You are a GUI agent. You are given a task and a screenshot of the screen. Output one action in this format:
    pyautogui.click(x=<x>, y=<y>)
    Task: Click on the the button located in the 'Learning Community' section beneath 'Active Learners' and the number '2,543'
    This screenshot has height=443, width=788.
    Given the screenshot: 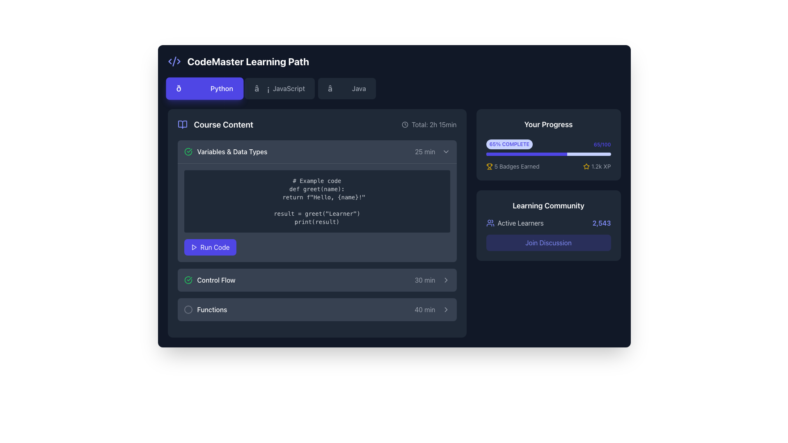 What is the action you would take?
    pyautogui.click(x=548, y=234)
    